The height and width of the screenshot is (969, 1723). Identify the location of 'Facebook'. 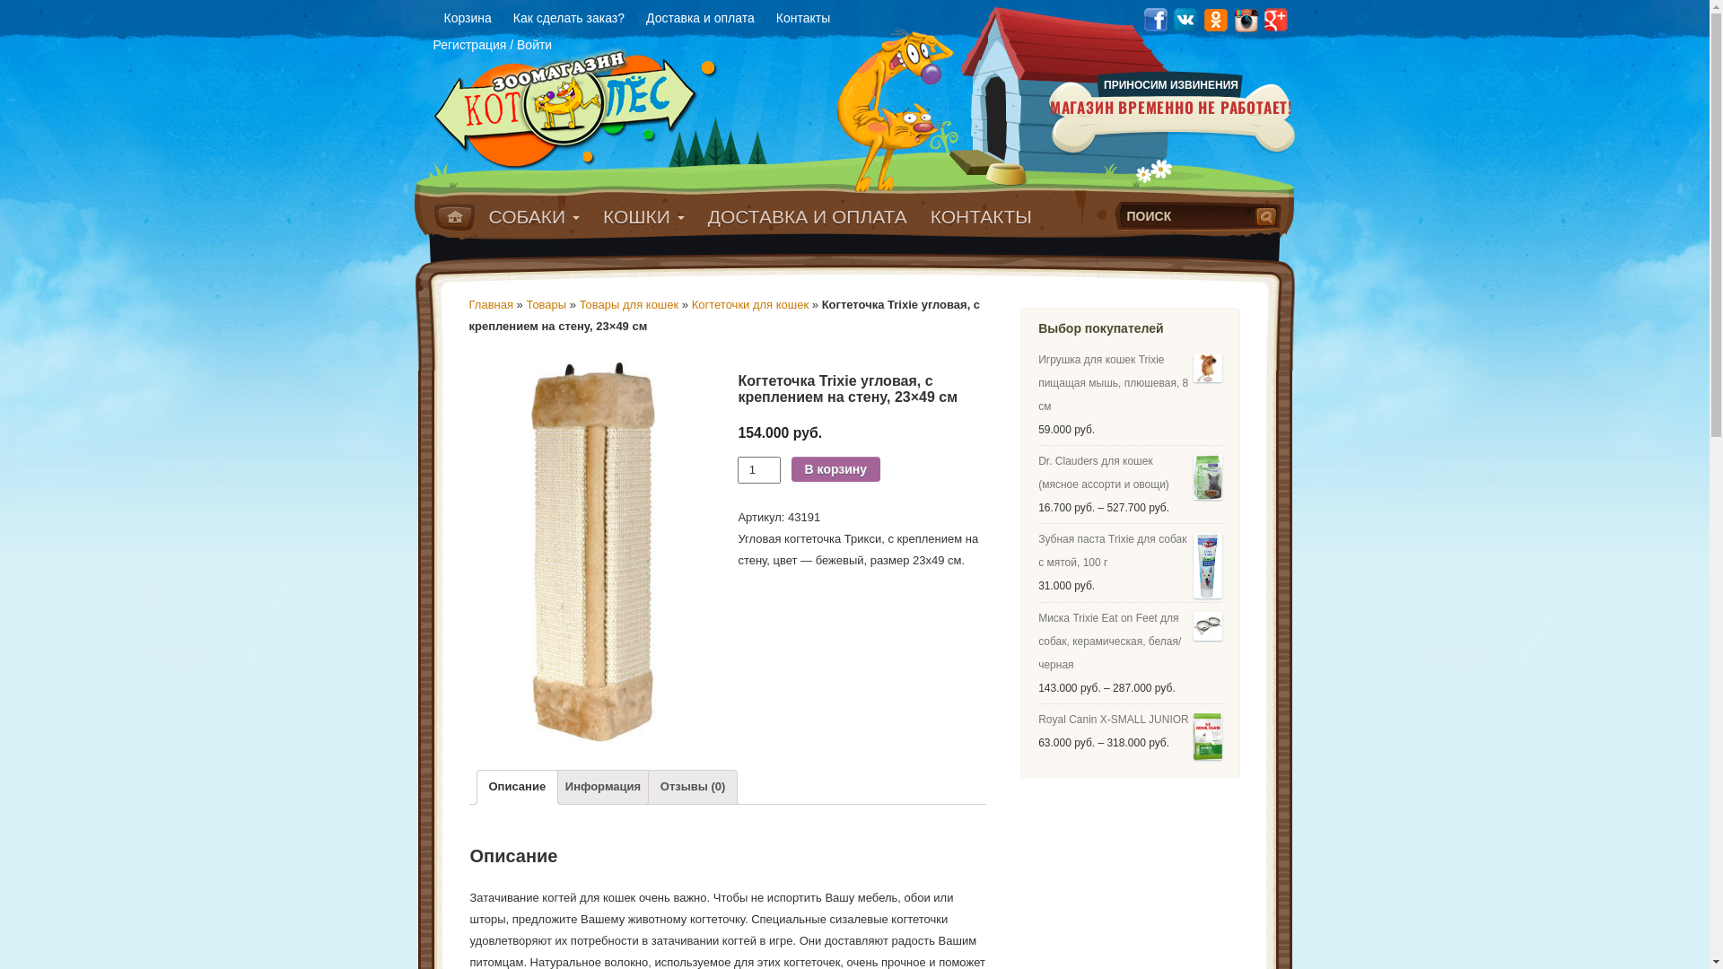
(1154, 18).